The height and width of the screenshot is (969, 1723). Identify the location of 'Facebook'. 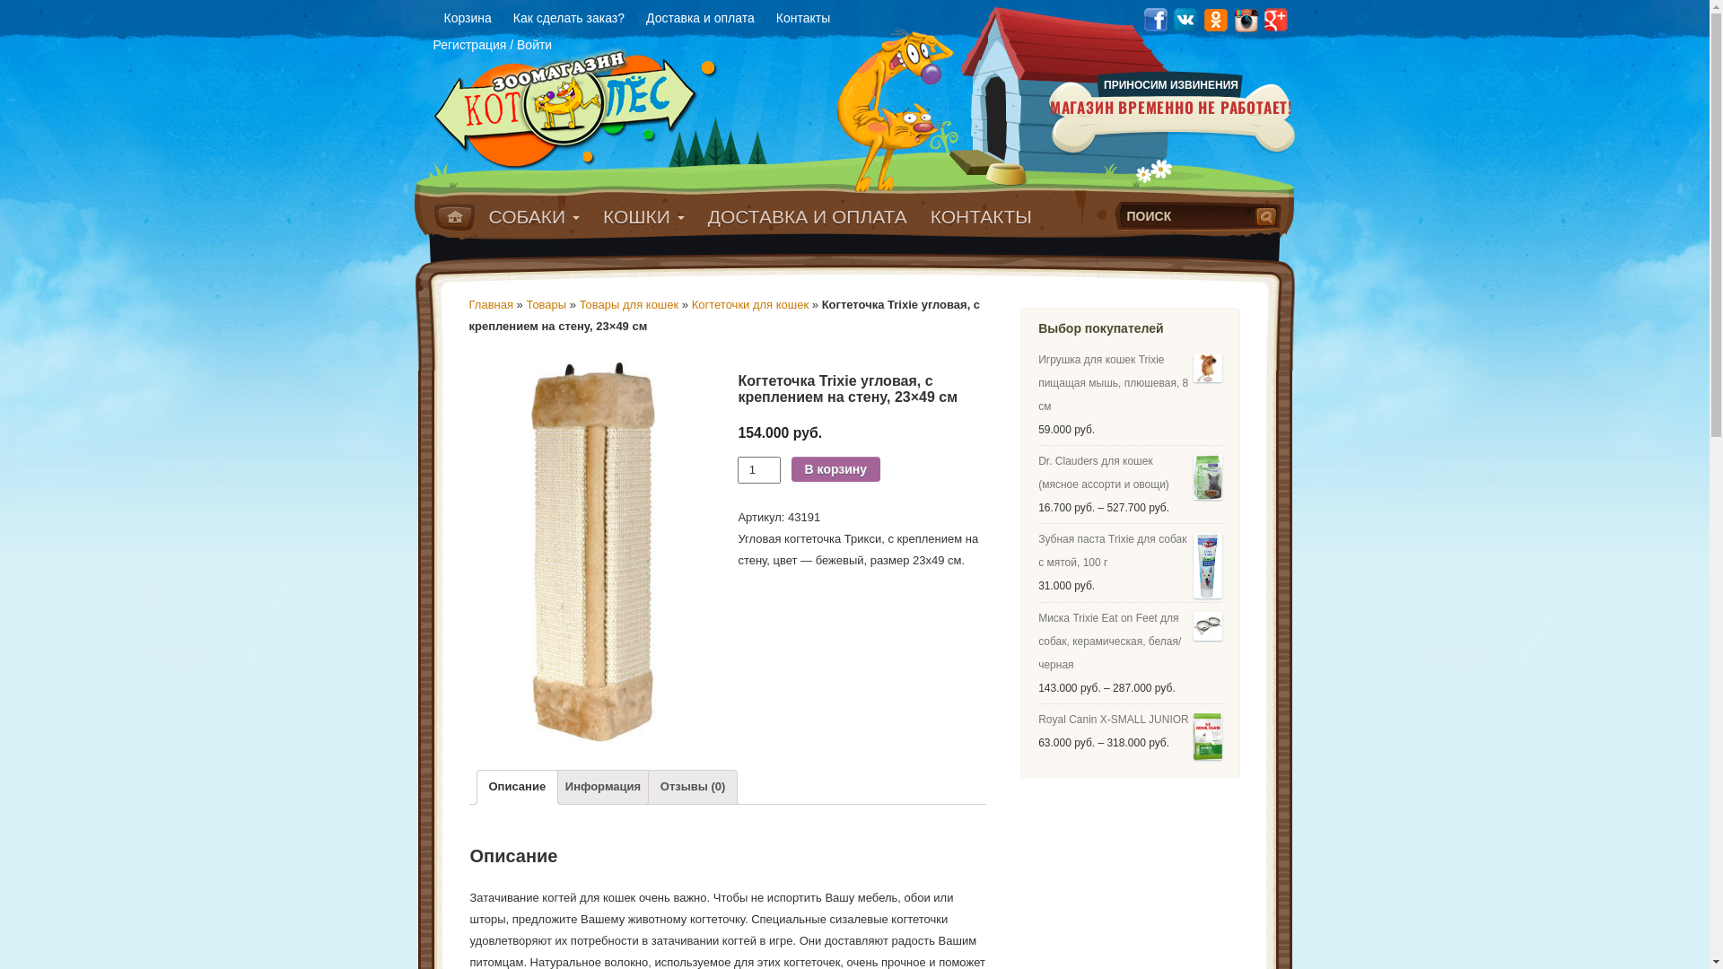
(1154, 18).